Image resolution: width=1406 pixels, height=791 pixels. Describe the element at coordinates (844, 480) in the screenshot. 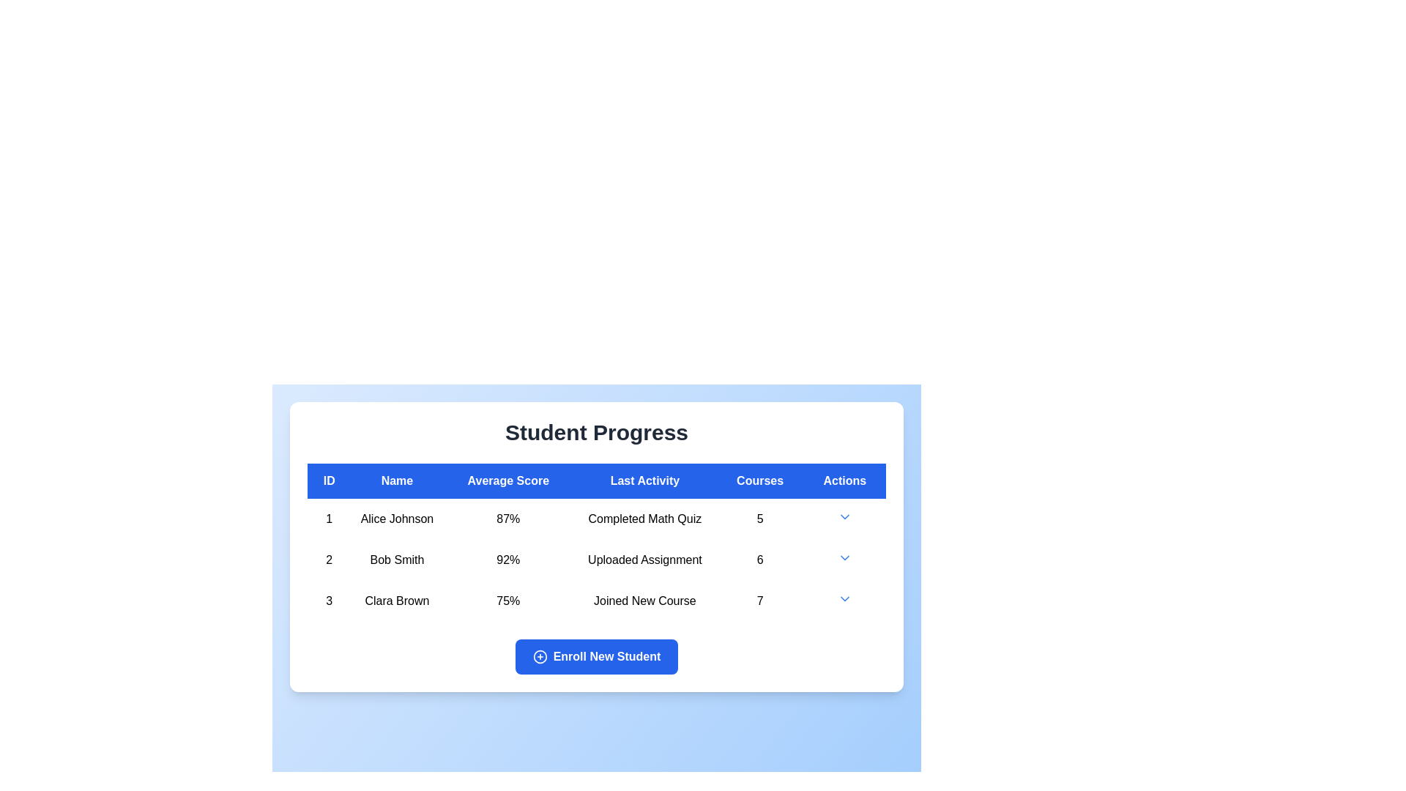

I see `the table header cell that indicates action-related items, which is the sixth column header in the table` at that location.